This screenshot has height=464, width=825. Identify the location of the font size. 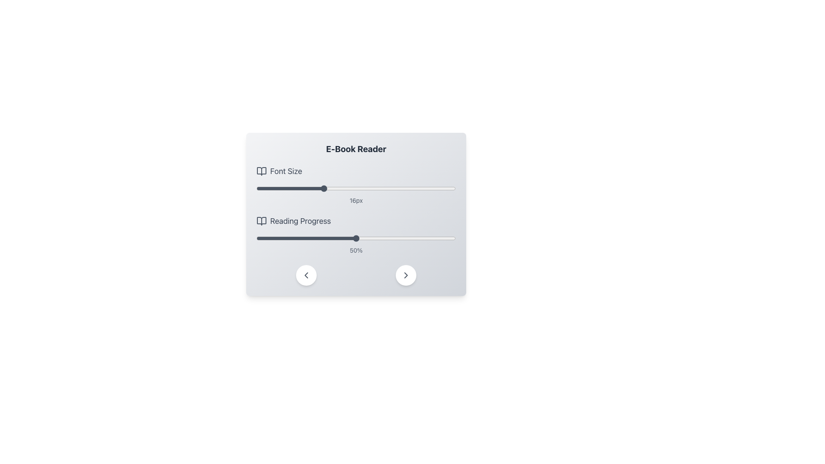
(306, 188).